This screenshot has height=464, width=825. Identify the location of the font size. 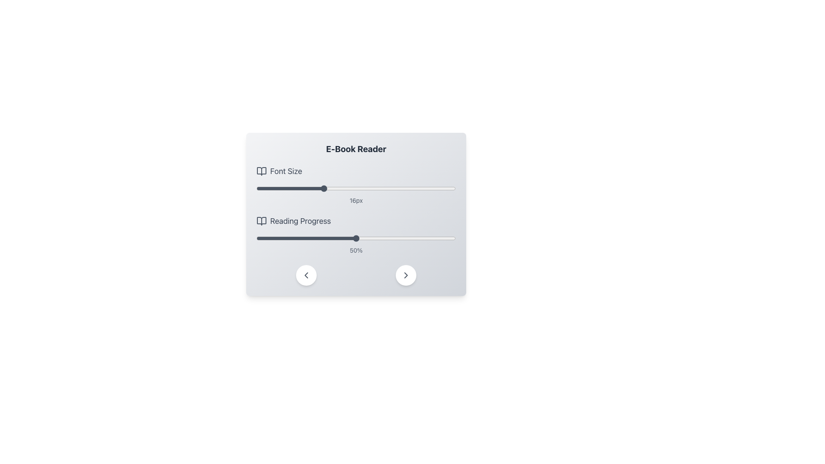
(306, 188).